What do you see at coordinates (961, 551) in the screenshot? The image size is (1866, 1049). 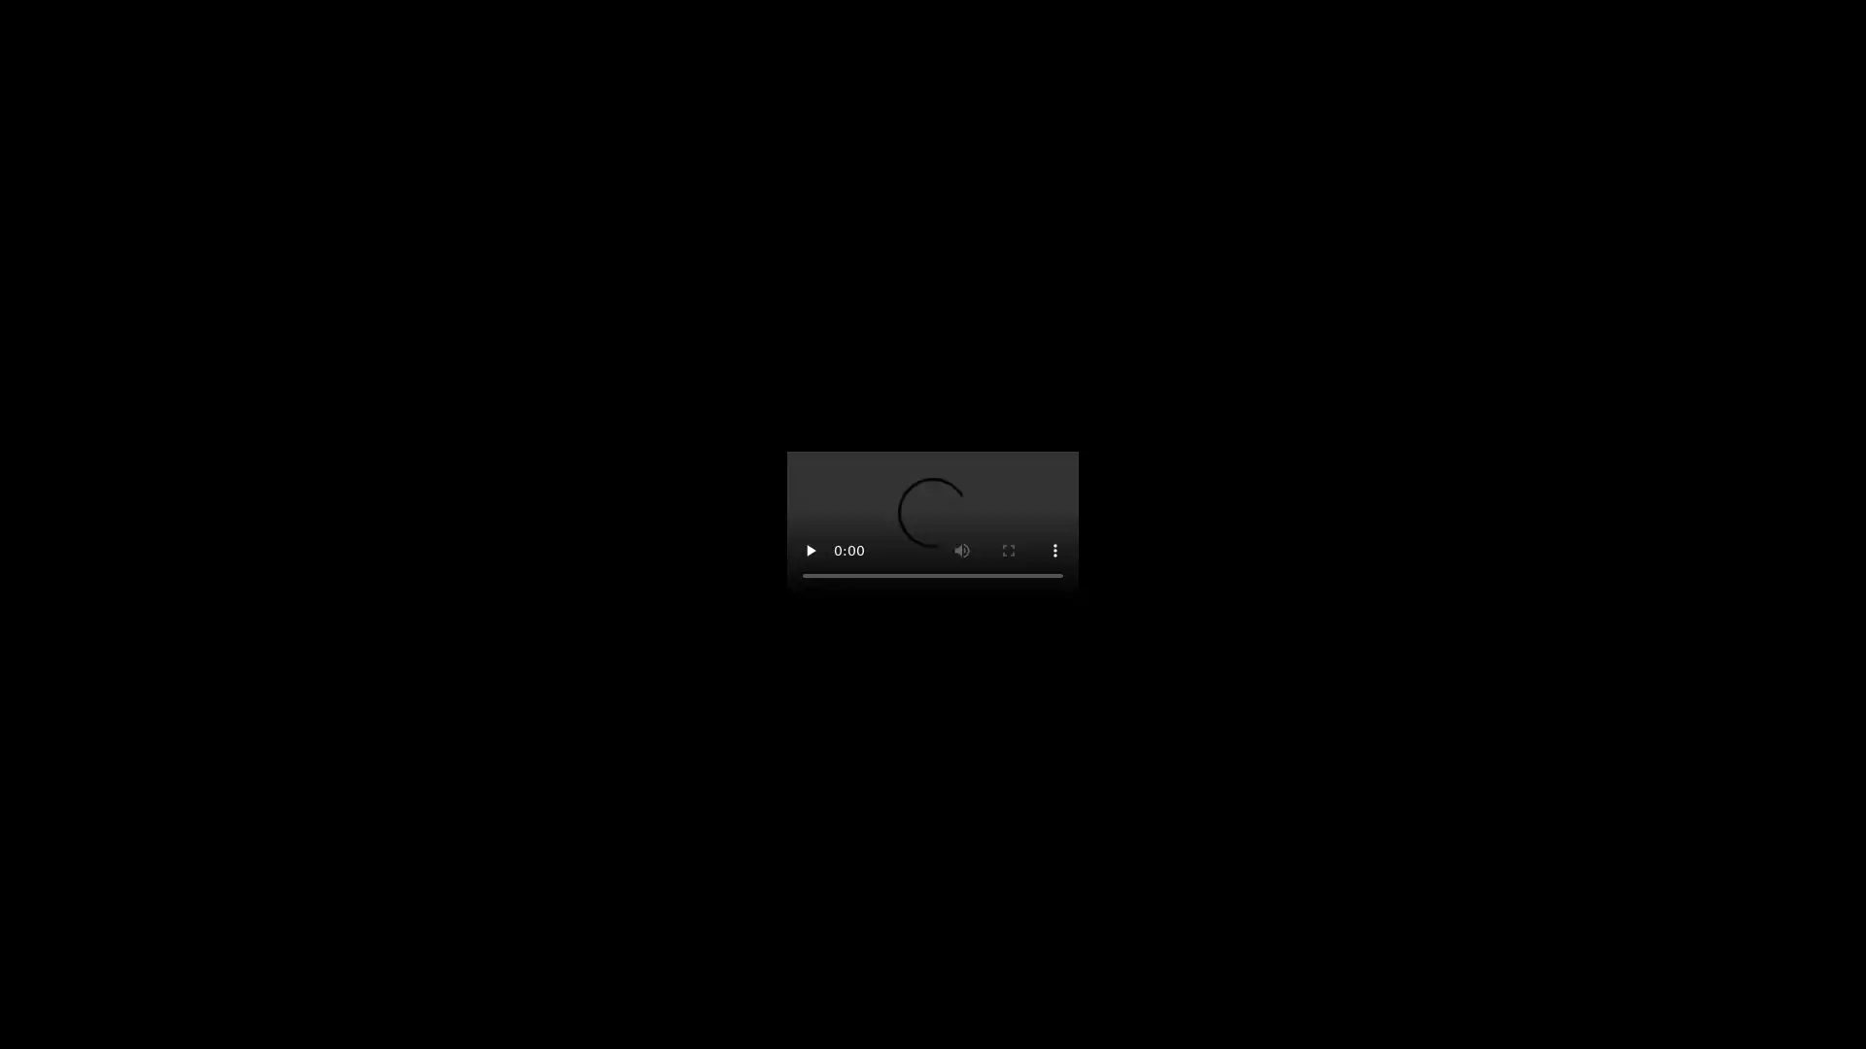 I see `mute` at bounding box center [961, 551].